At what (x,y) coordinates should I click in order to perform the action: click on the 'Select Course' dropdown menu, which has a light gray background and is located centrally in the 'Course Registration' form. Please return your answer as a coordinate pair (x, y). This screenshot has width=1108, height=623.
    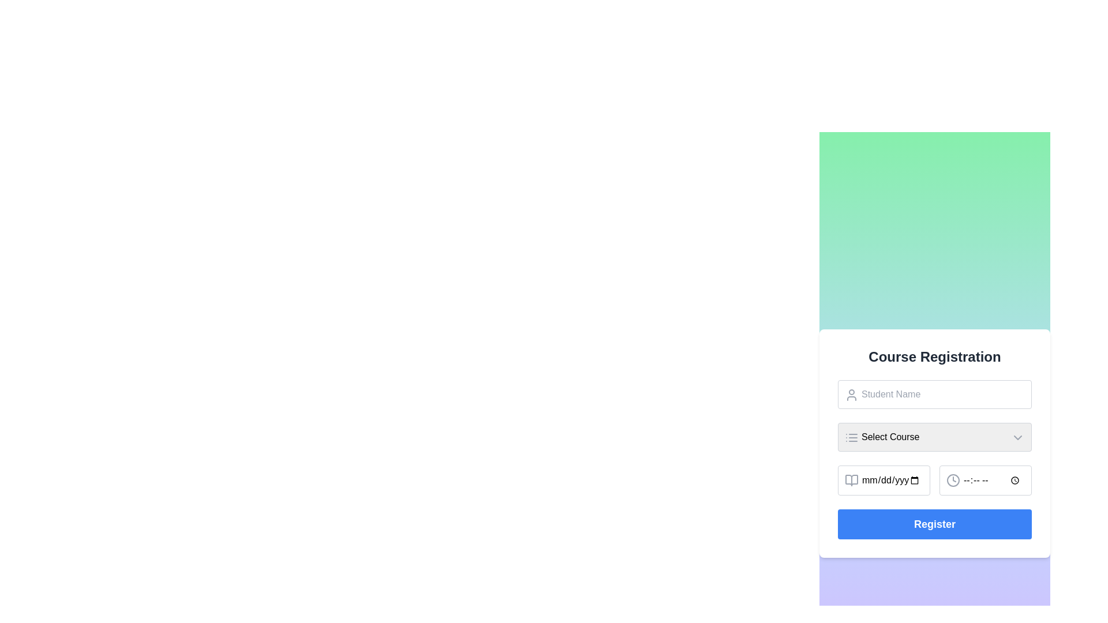
    Looking at the image, I should click on (935, 437).